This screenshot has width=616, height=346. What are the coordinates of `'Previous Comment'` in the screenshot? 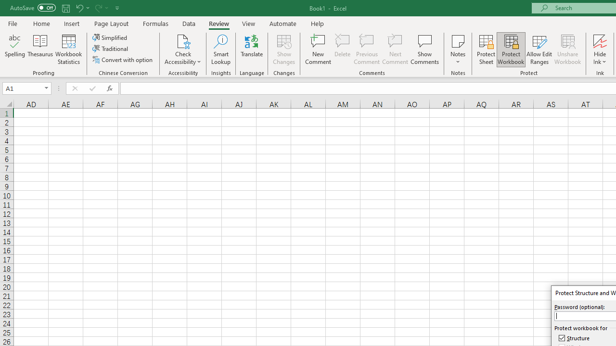 It's located at (366, 49).